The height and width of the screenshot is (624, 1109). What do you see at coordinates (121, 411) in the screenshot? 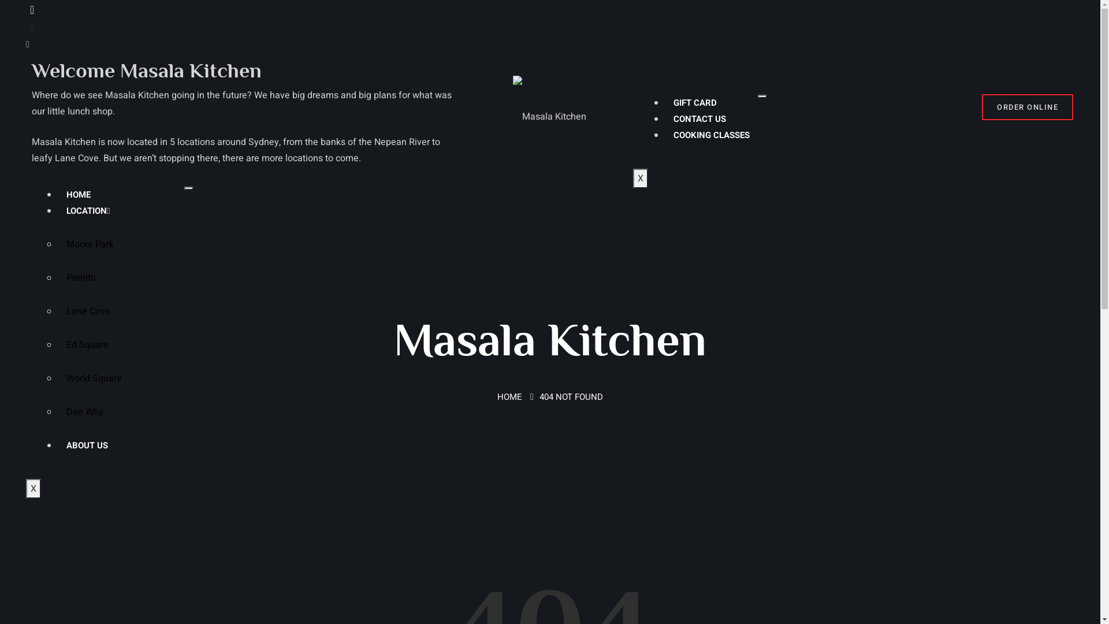
I see `'Dee Why'` at bounding box center [121, 411].